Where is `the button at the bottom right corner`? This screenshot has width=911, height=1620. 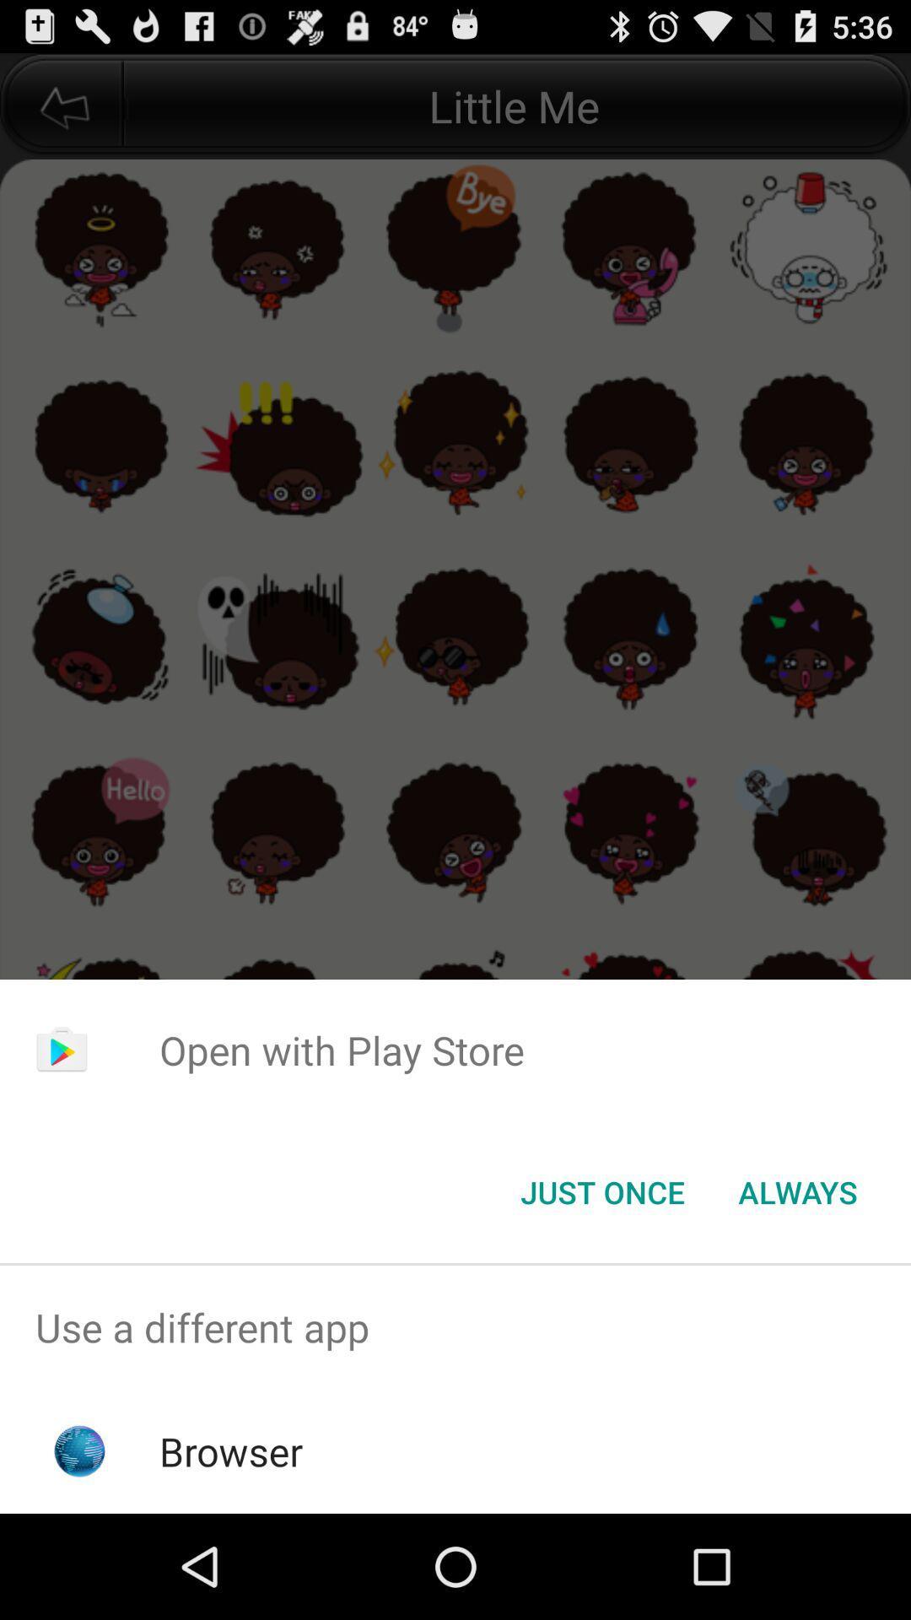
the button at the bottom right corner is located at coordinates (797, 1191).